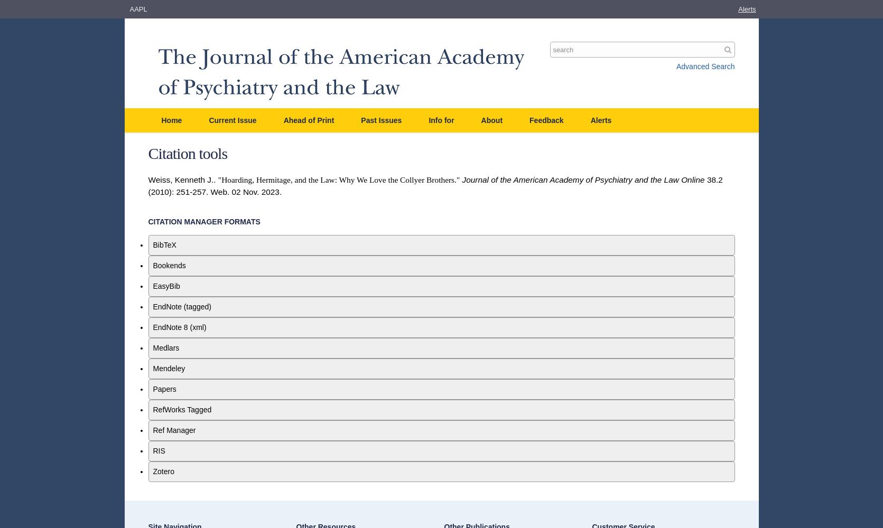  I want to click on 'BibTeX', so click(163, 244).